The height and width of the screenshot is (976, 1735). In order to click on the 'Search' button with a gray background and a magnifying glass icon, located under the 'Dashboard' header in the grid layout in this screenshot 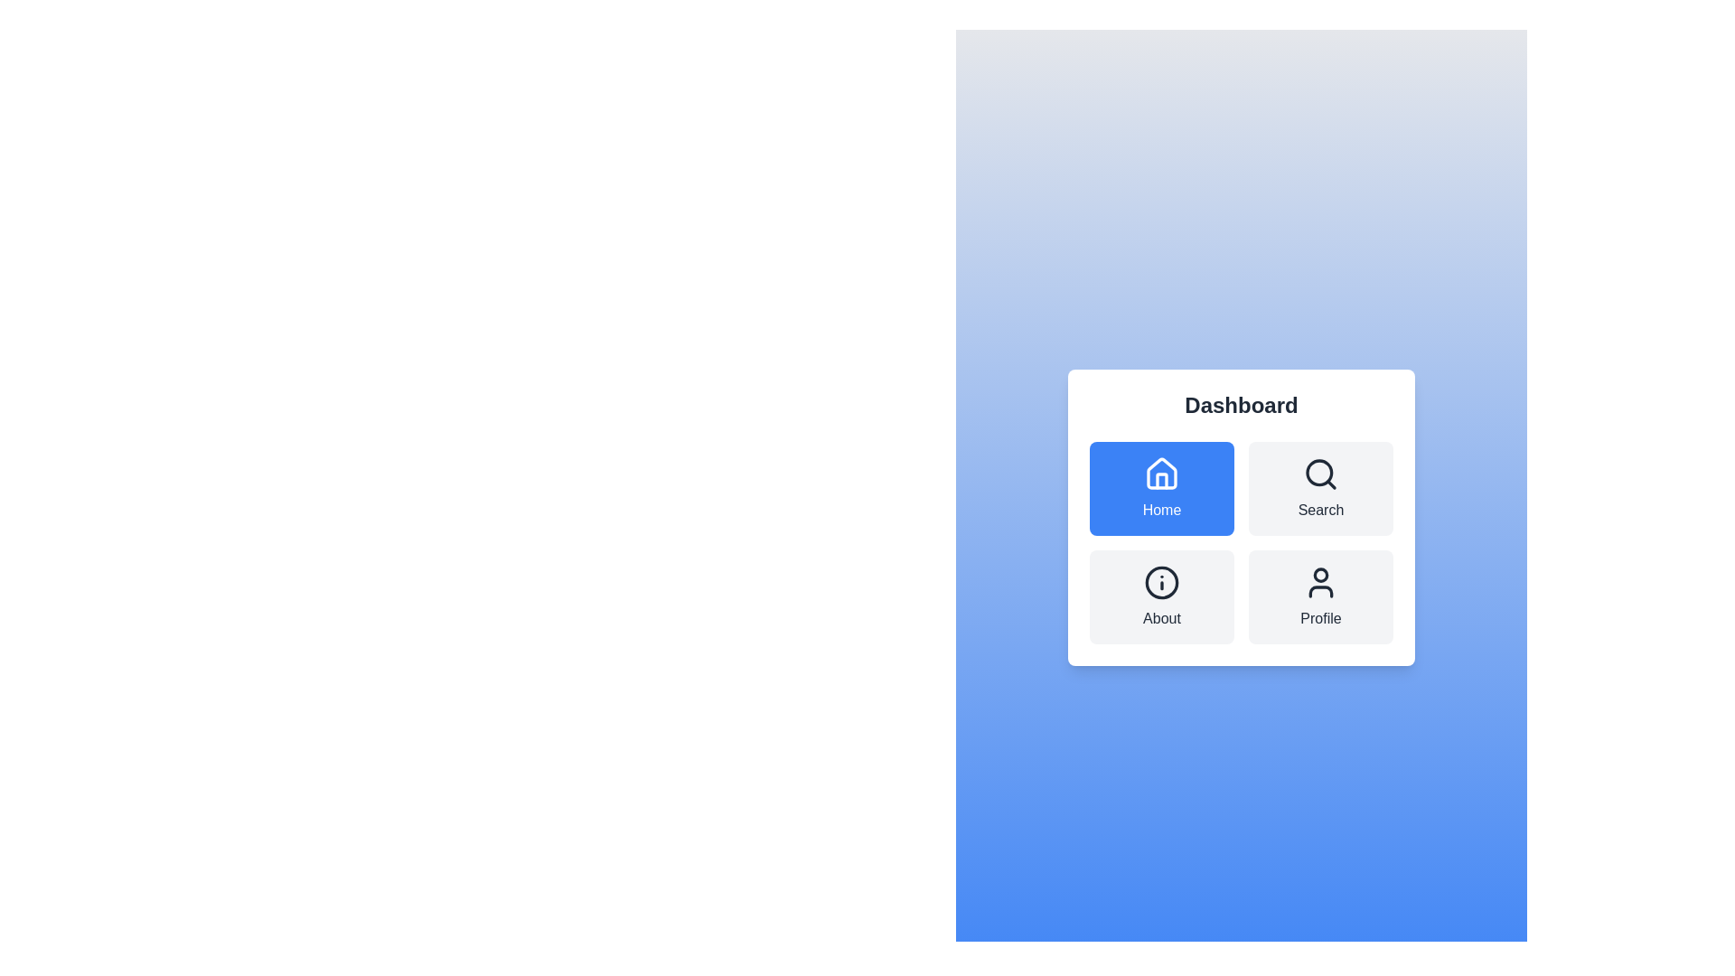, I will do `click(1321, 488)`.